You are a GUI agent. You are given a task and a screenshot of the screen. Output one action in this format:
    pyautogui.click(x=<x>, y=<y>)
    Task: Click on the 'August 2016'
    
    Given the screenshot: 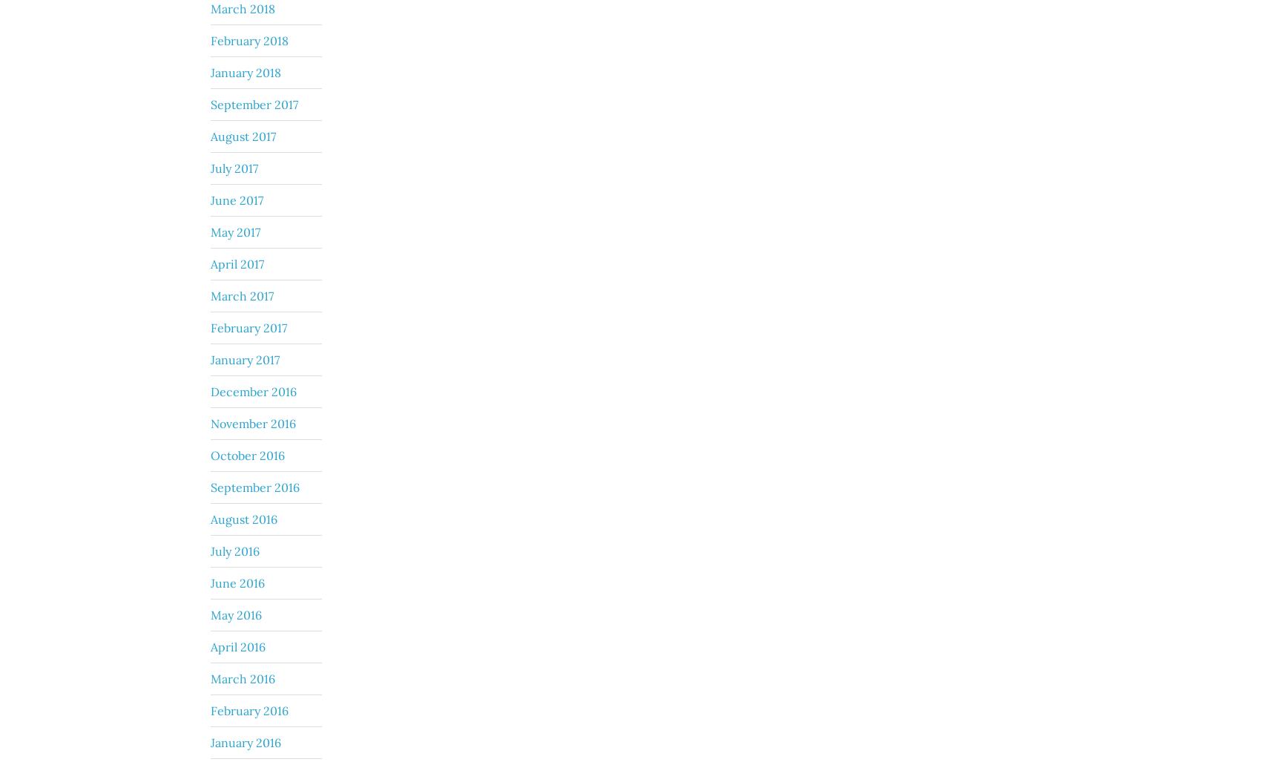 What is the action you would take?
    pyautogui.click(x=243, y=518)
    